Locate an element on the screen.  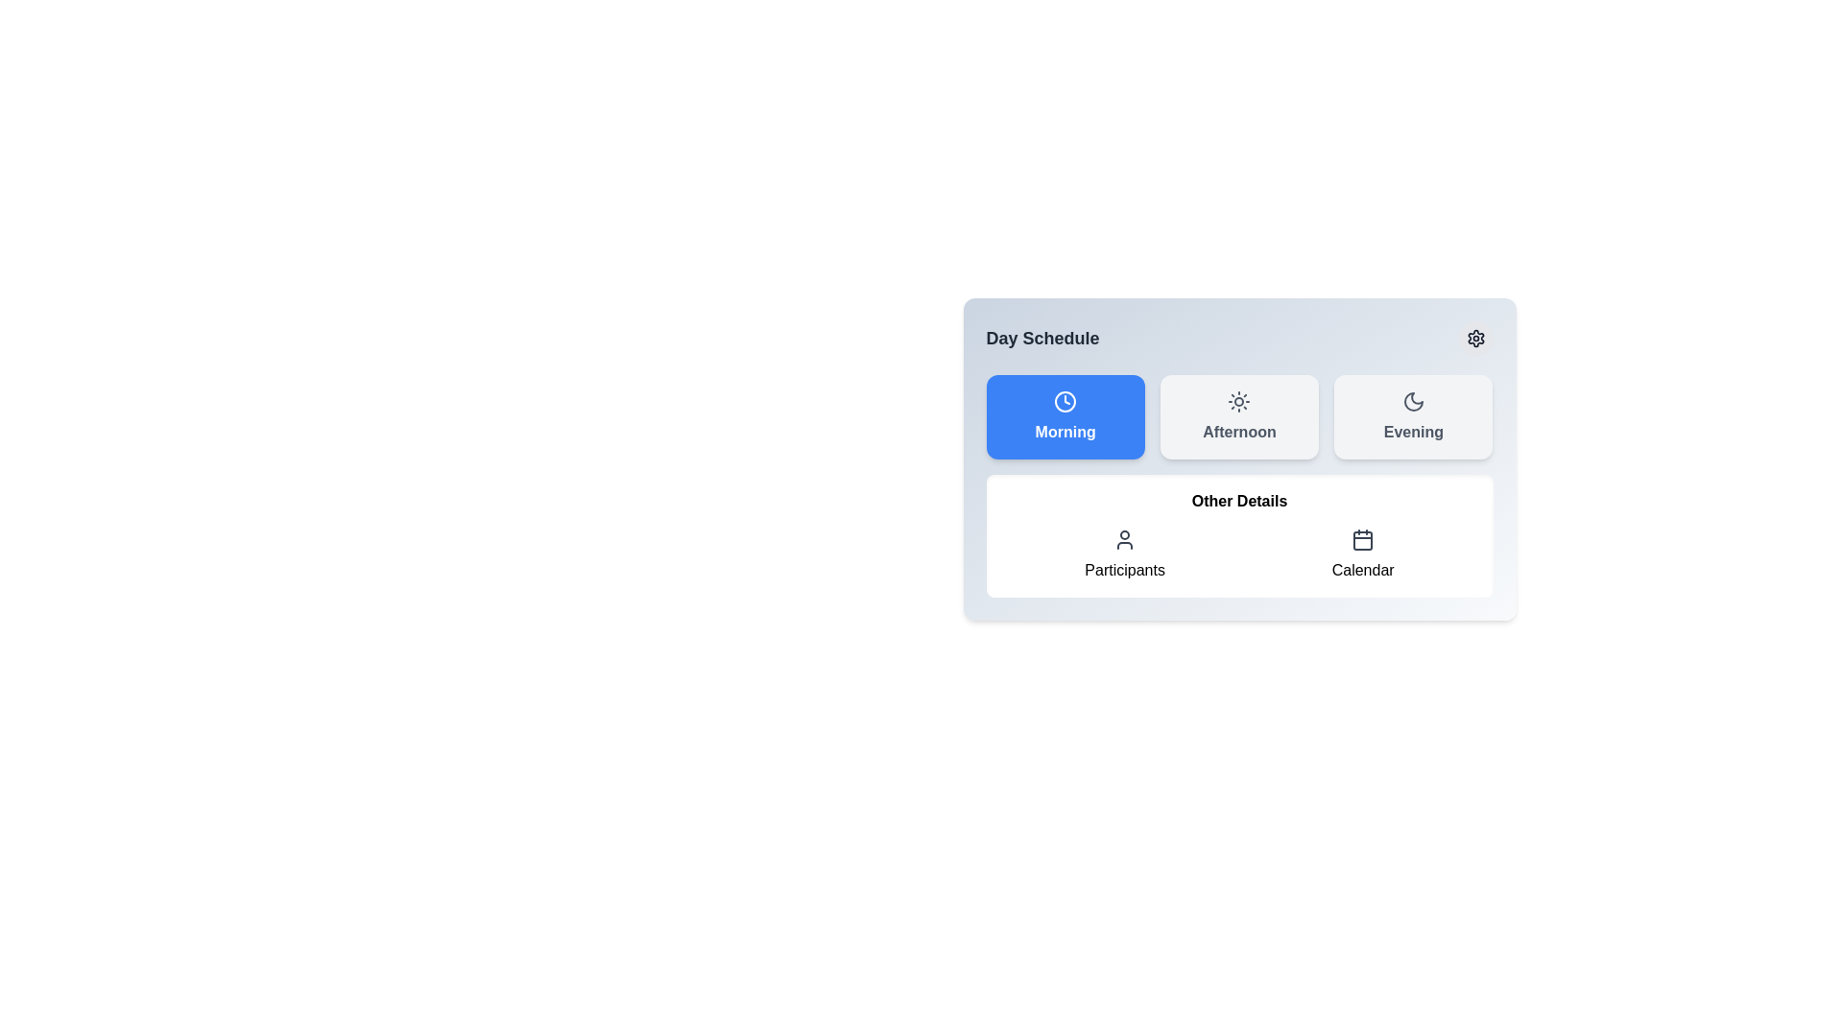
the small calendar icon, which features a minimalist monochrome outline style, located to the right of the 'Participants' icon and beneath the 'Other Details' header is located at coordinates (1362, 540).